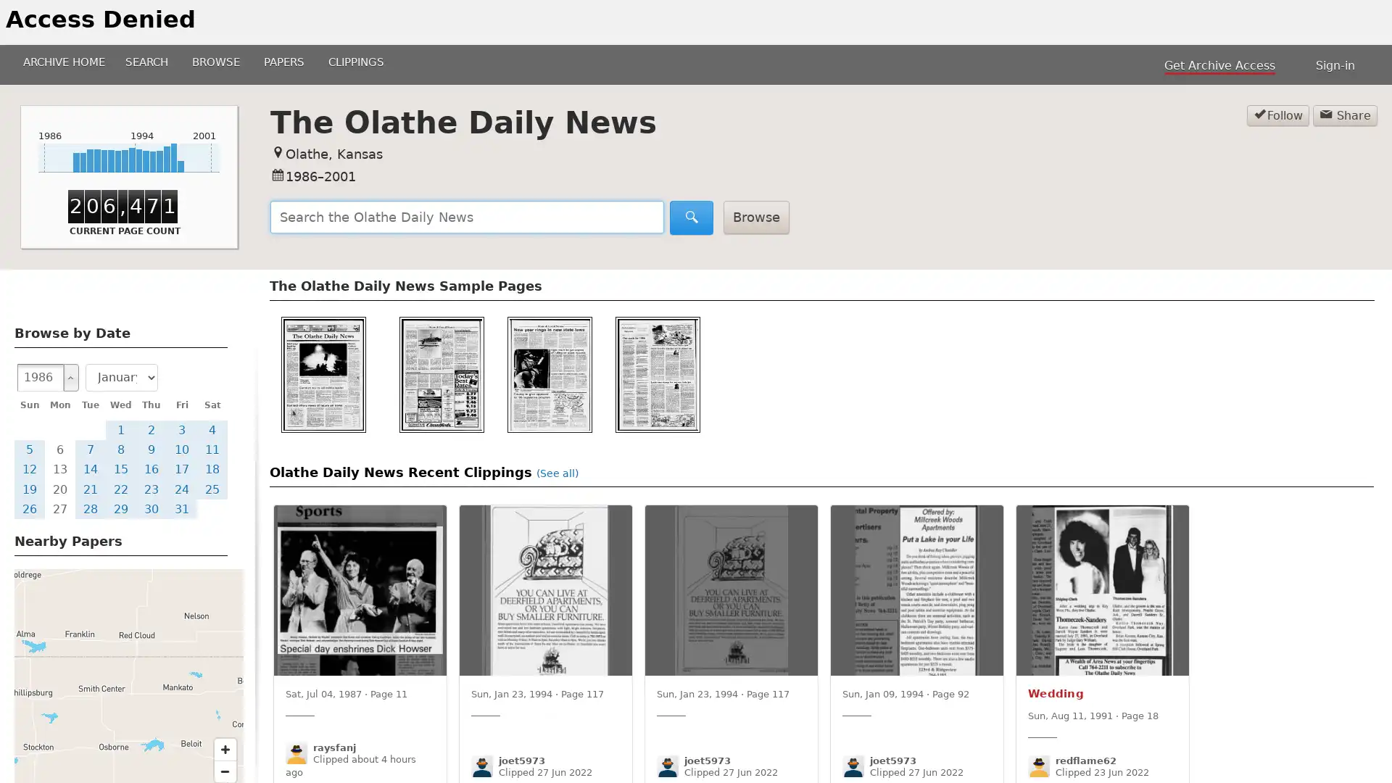  I want to click on Zoom out, so click(225, 770).